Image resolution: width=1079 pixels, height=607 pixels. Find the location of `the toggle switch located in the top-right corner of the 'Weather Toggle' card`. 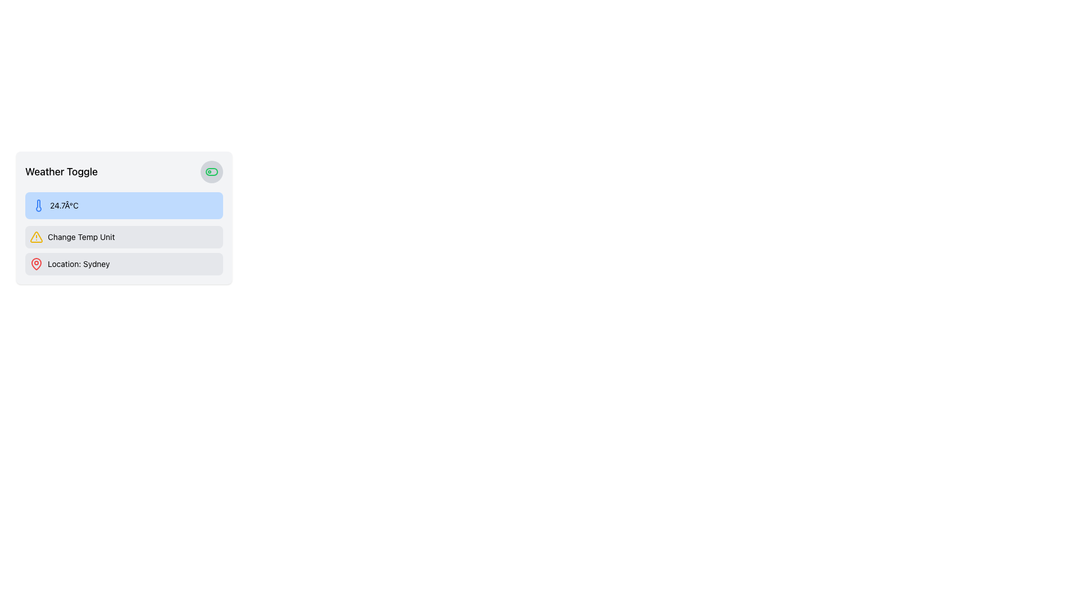

the toggle switch located in the top-right corner of the 'Weather Toggle' card is located at coordinates (212, 171).